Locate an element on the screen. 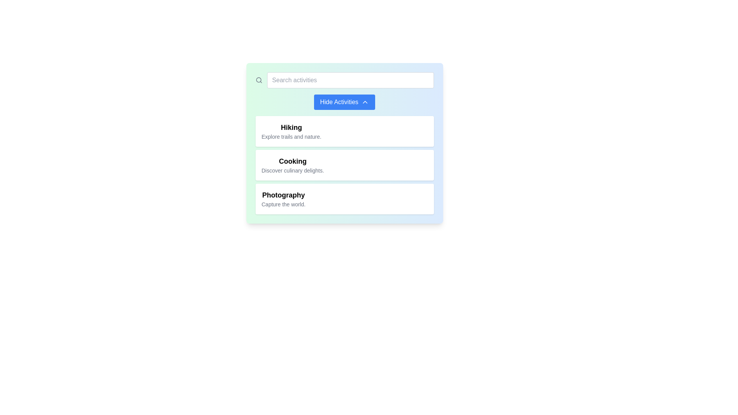 Image resolution: width=738 pixels, height=415 pixels. text label or heading that identifies the category or topic related to cooking, positioned between the 'Hiking' header and 'Photography' below is located at coordinates (292, 161).